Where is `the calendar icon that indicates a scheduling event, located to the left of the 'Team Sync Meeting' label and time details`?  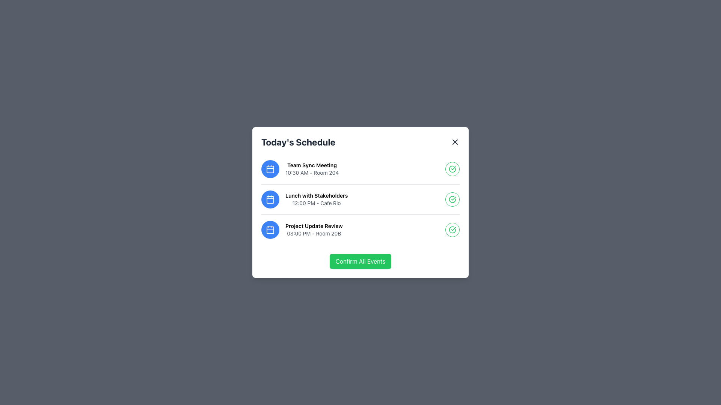 the calendar icon that indicates a scheduling event, located to the left of the 'Team Sync Meeting' label and time details is located at coordinates (270, 169).